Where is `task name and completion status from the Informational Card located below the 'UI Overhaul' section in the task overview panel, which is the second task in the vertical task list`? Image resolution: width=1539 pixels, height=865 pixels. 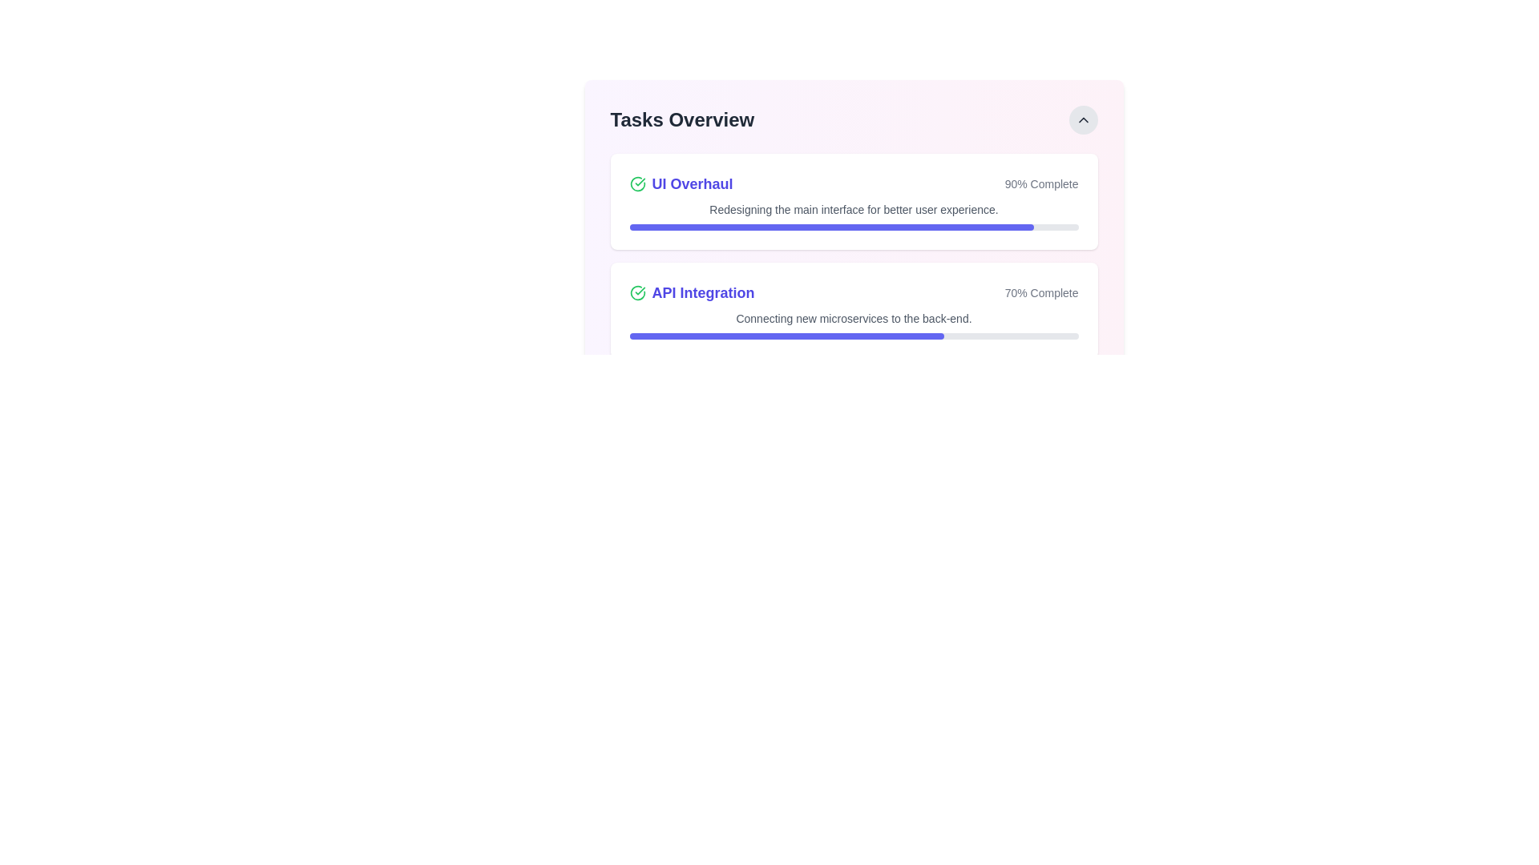 task name and completion status from the Informational Card located below the 'UI Overhaul' section in the task overview panel, which is the second task in the vertical task list is located at coordinates (853, 293).